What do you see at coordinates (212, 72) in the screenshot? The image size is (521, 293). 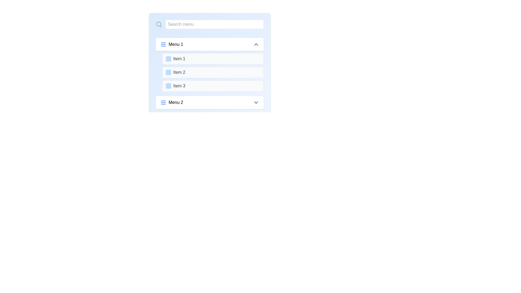 I see `the second item in the 'Menu 1' list` at bounding box center [212, 72].